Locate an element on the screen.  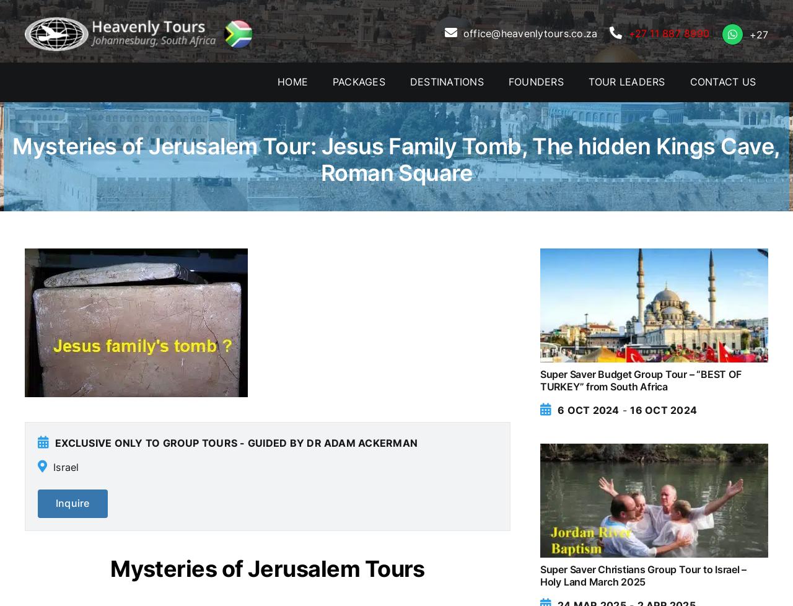
'Inquire' is located at coordinates (71, 503).